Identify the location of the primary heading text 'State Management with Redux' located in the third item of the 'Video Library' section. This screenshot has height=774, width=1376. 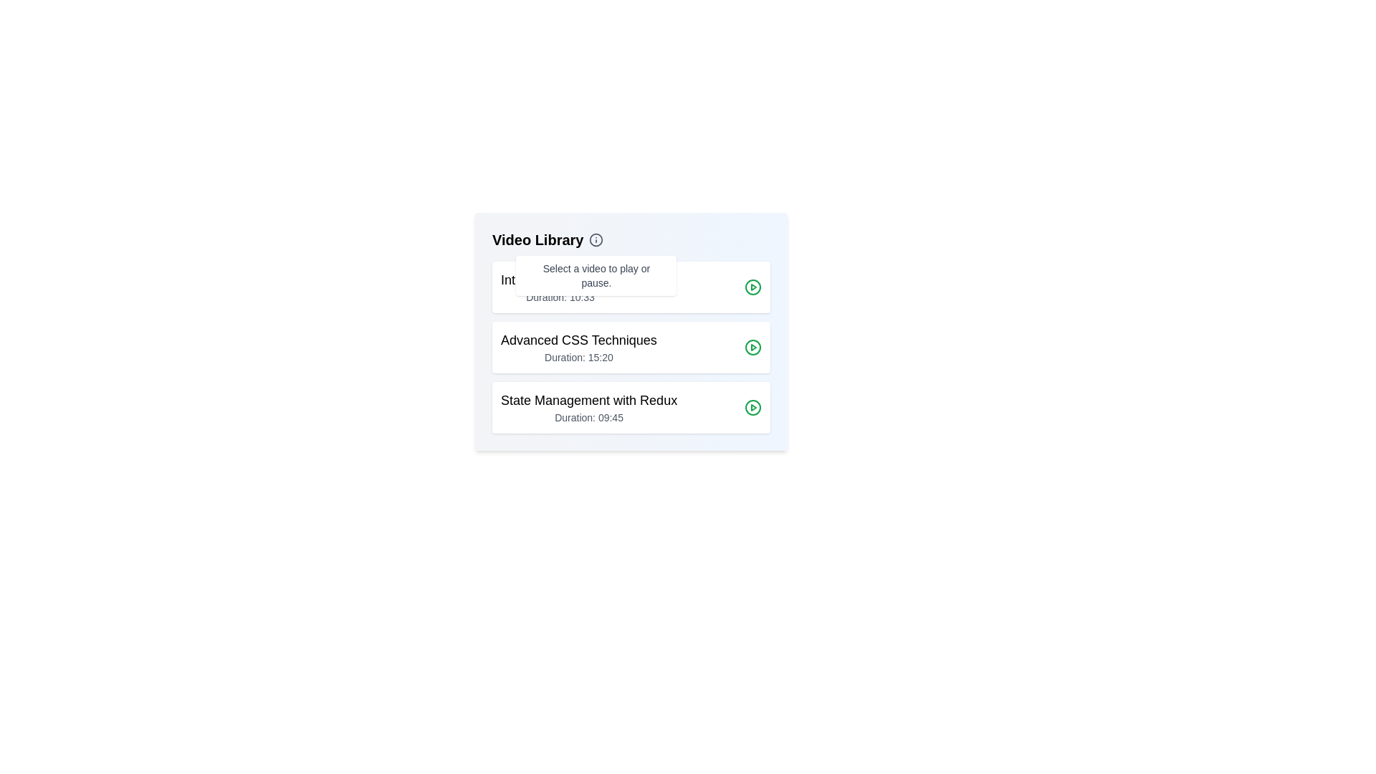
(589, 401).